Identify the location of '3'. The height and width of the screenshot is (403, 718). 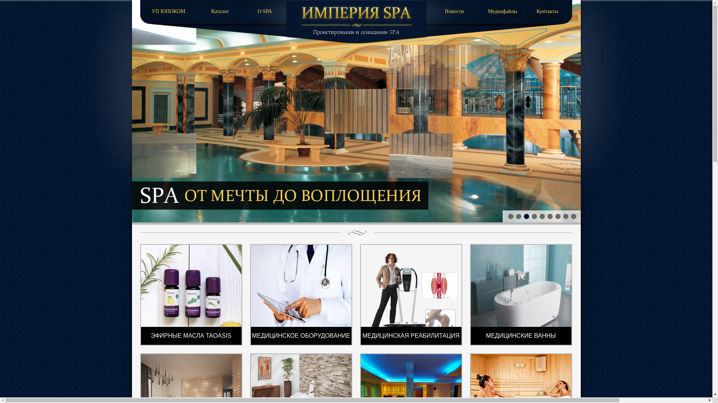
(522, 216).